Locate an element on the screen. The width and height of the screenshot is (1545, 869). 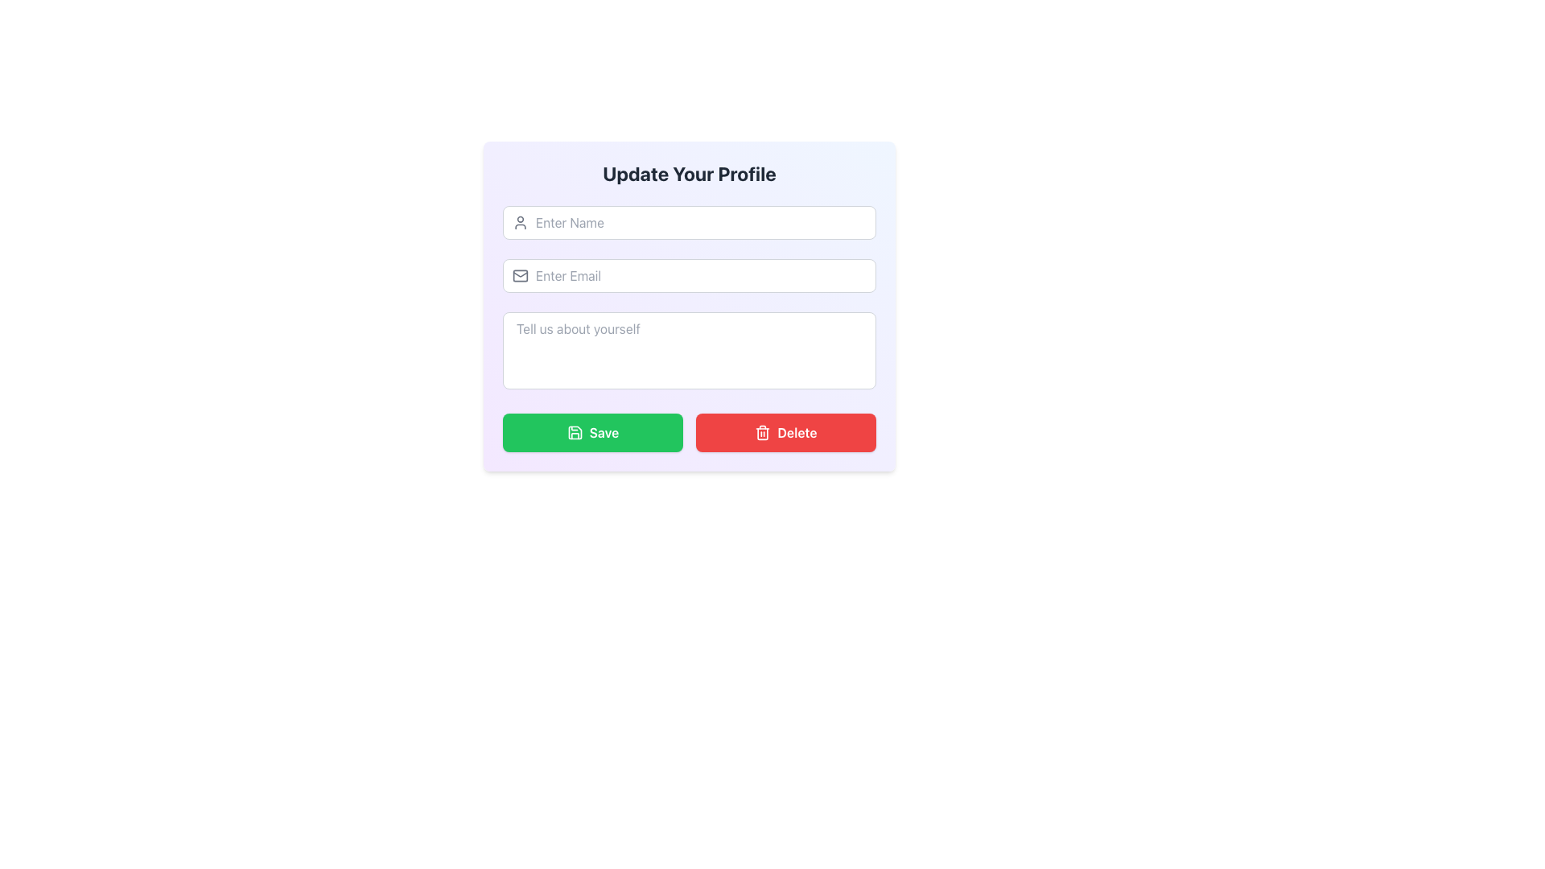
the confirmation button located below the text input fields of the form to observe the hover effects is located at coordinates (592, 431).